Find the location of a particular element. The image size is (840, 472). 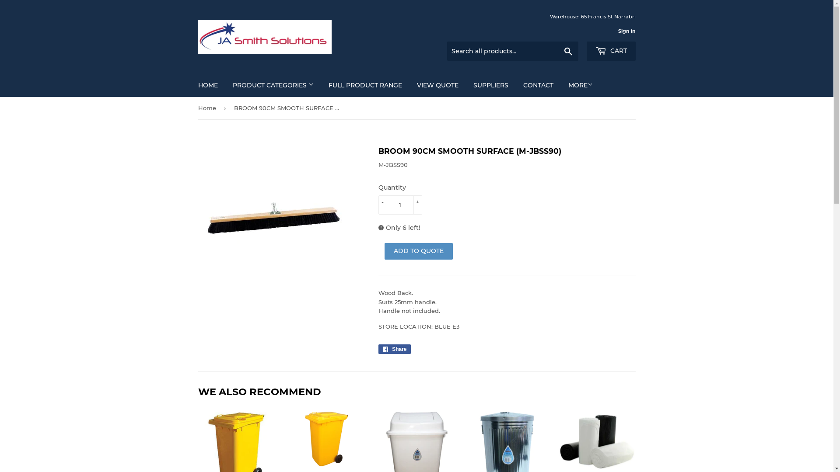

'MORE' is located at coordinates (580, 85).